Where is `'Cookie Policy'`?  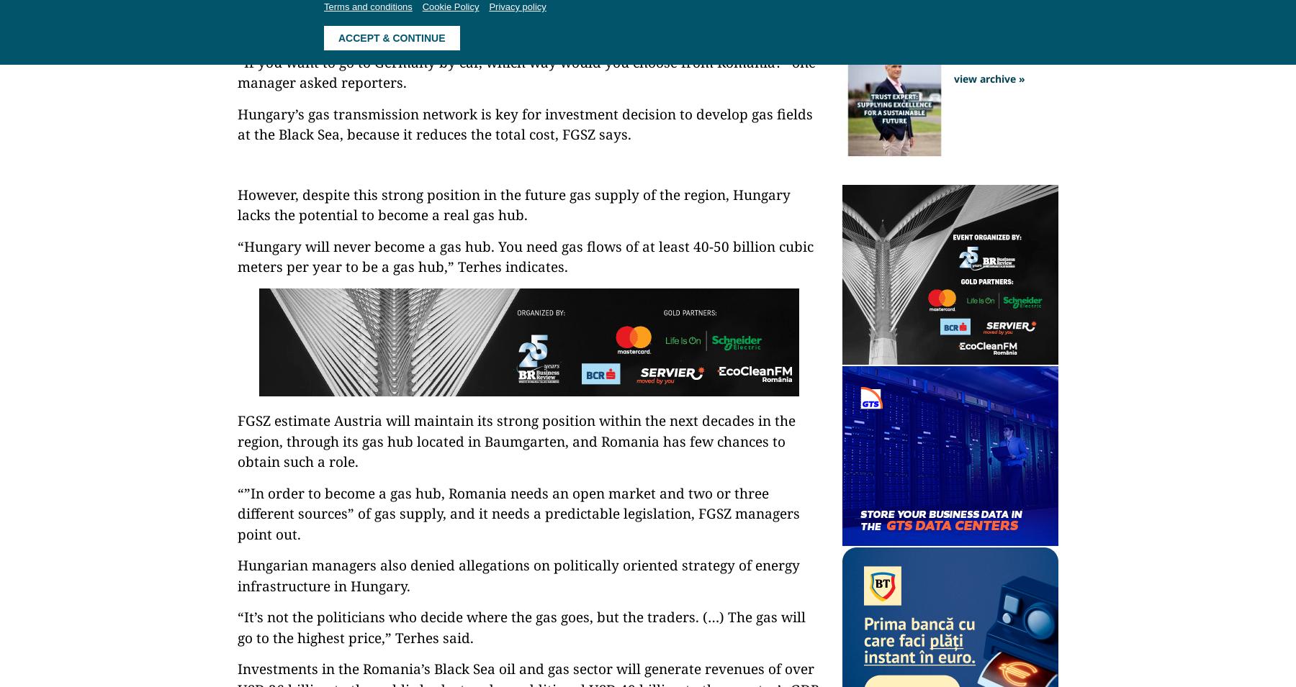
'Cookie Policy' is located at coordinates (450, 6).